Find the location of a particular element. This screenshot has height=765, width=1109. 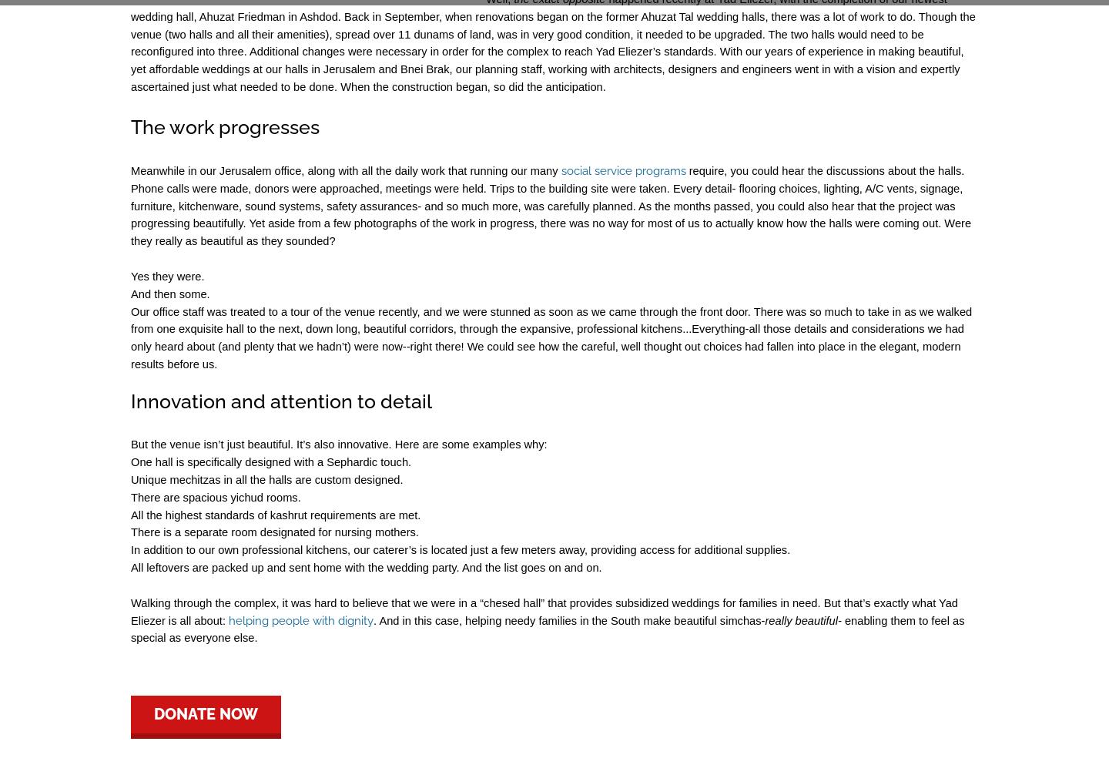

'The work progresses' is located at coordinates (224, 126).